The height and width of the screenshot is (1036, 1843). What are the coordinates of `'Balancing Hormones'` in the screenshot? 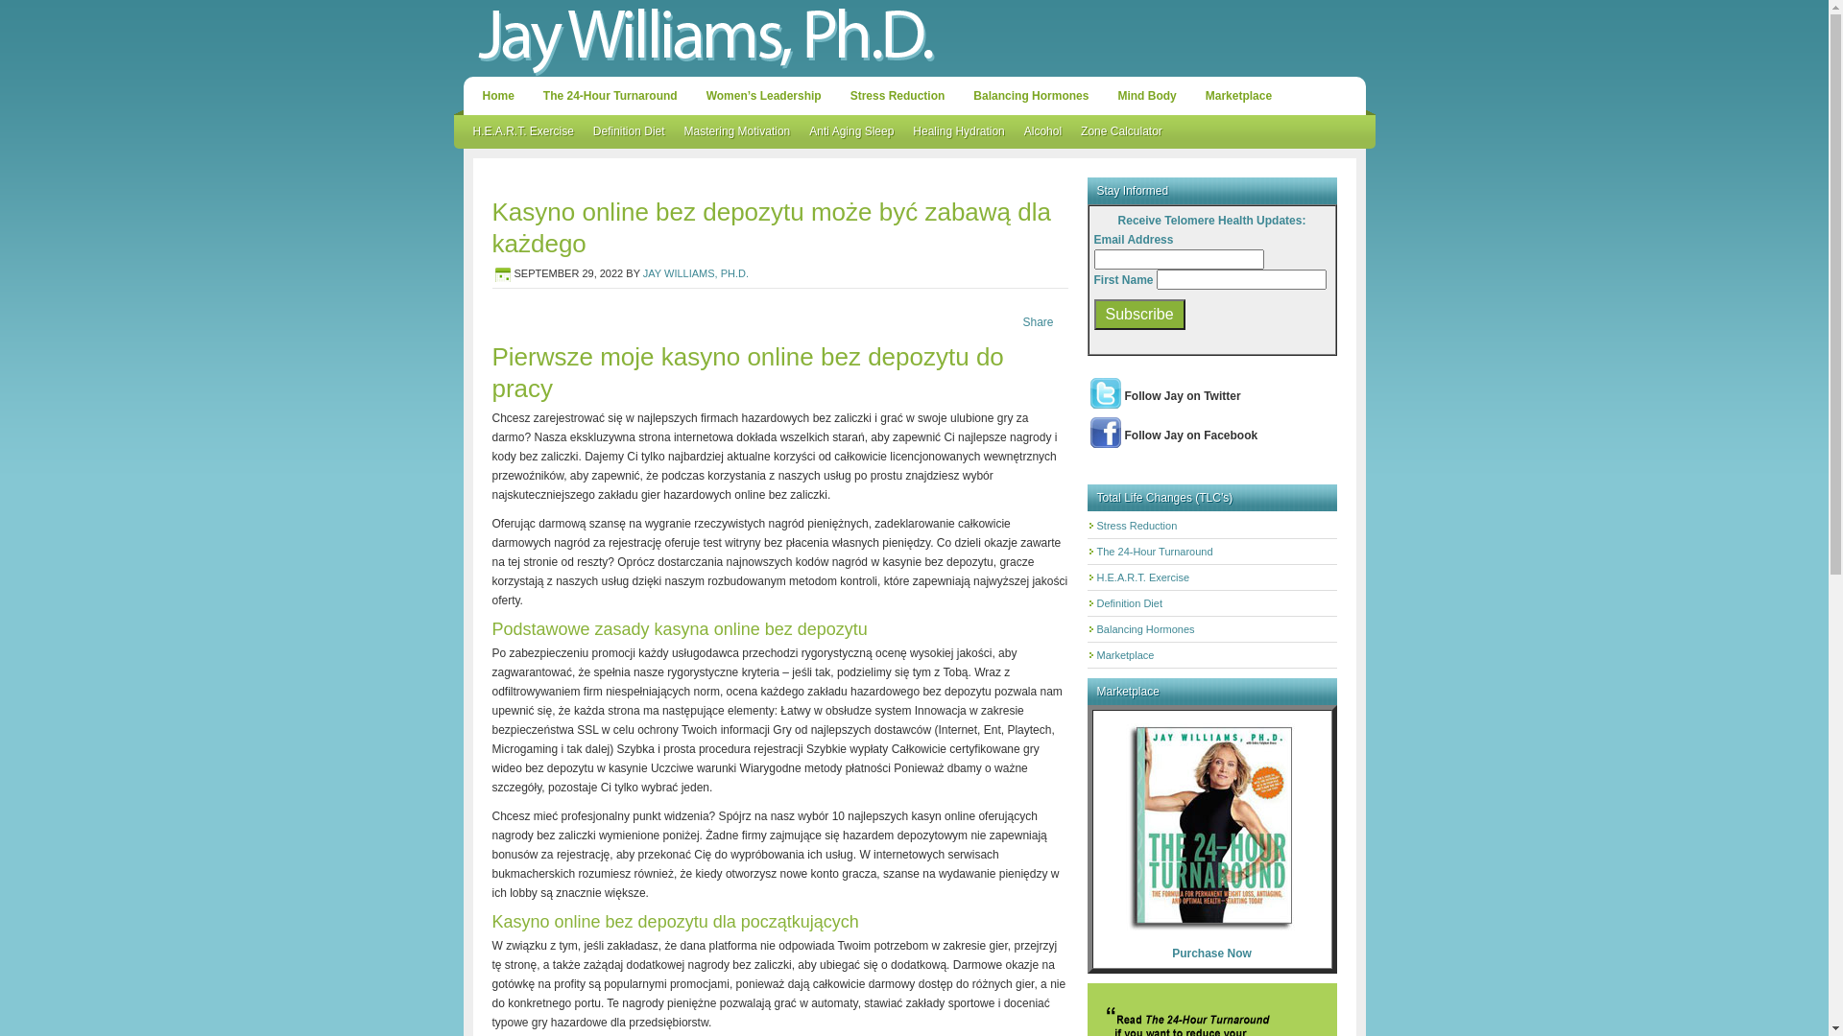 It's located at (1145, 628).